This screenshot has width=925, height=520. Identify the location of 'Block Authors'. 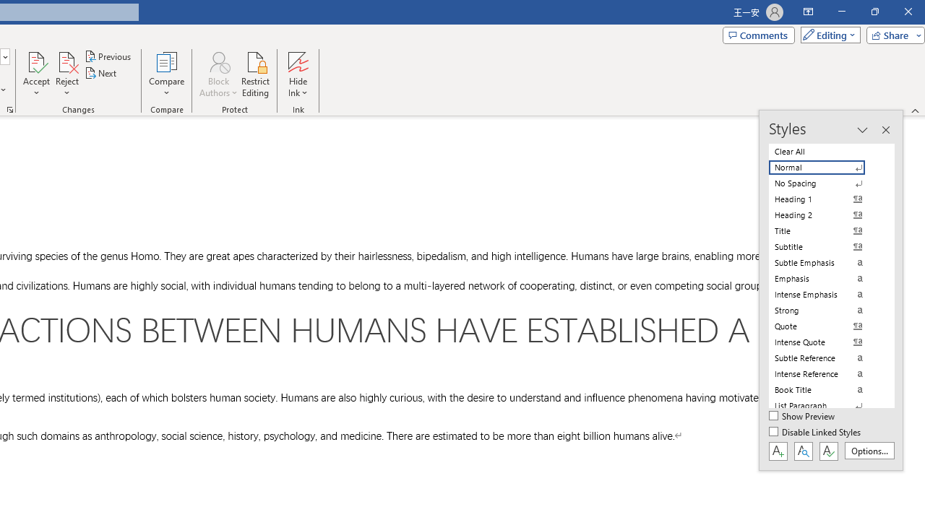
(218, 61).